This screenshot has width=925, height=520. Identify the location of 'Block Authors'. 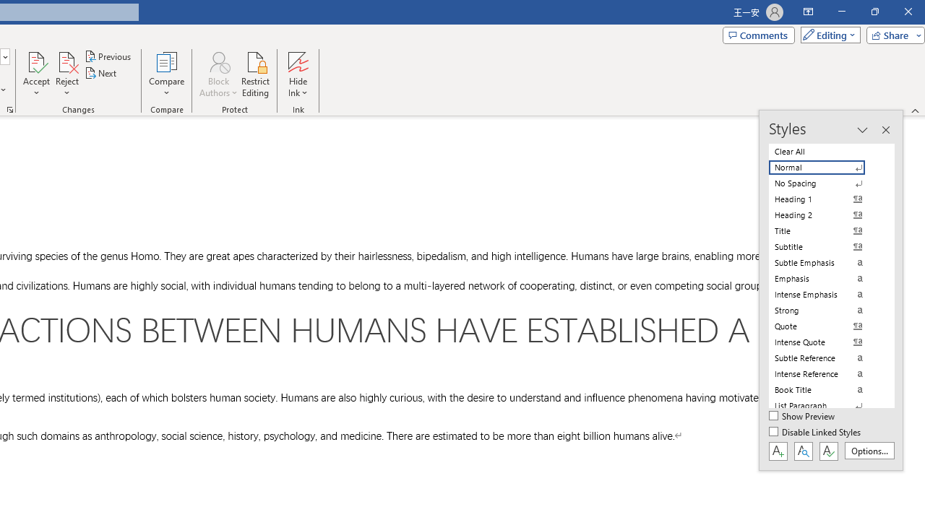
(218, 61).